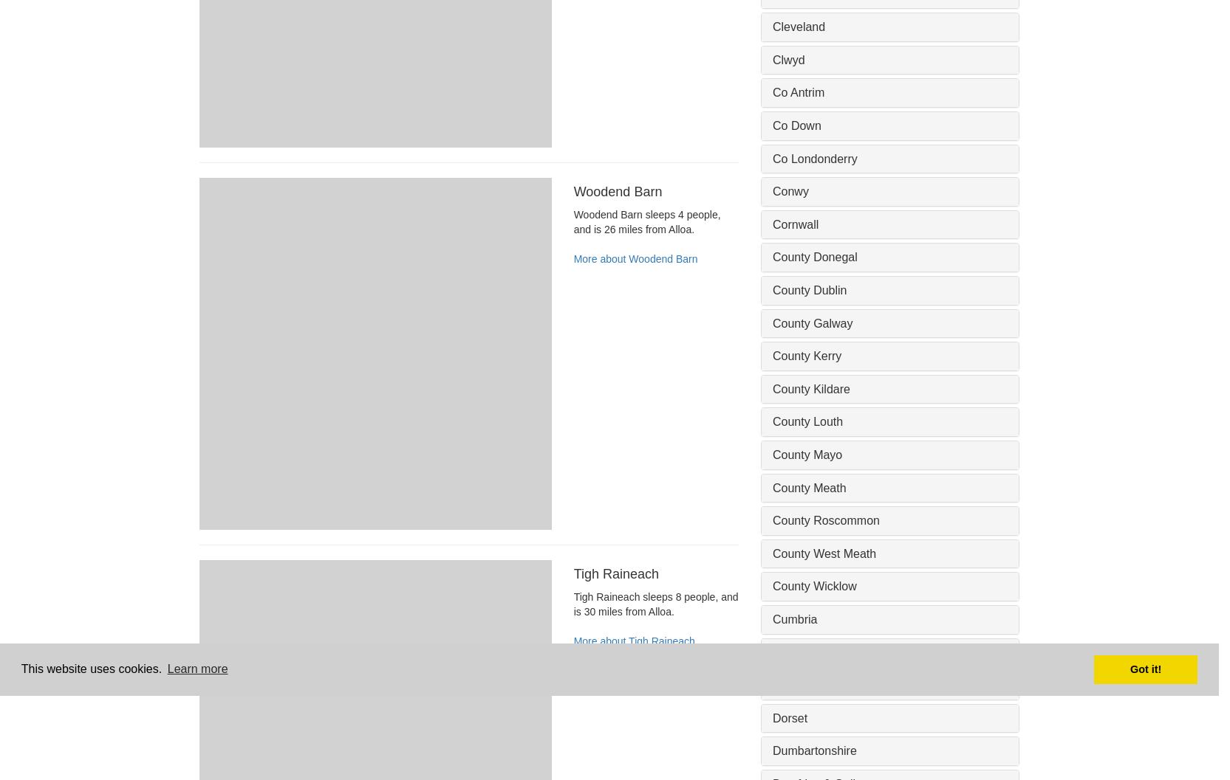 The height and width of the screenshot is (780, 1230). Describe the element at coordinates (771, 750) in the screenshot. I see `'Dumbartonshire'` at that location.